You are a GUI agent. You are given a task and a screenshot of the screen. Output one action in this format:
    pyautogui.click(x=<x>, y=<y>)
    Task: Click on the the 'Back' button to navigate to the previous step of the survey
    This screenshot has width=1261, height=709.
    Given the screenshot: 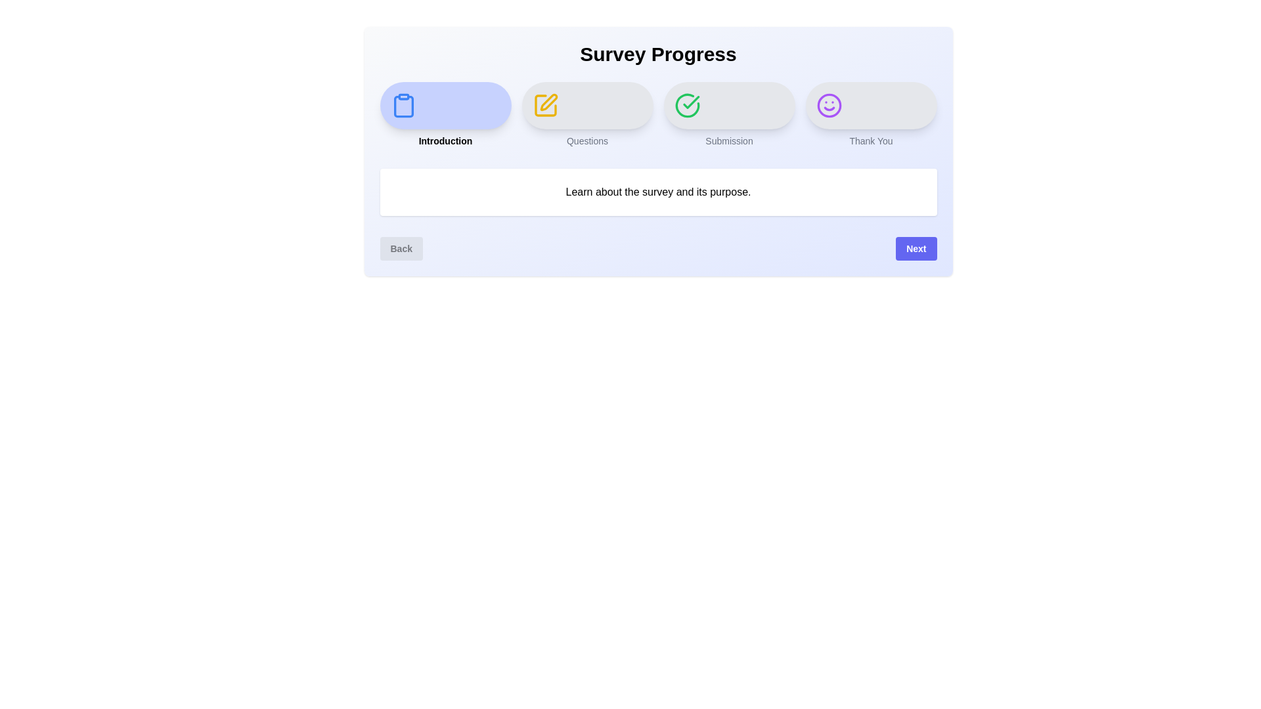 What is the action you would take?
    pyautogui.click(x=400, y=248)
    